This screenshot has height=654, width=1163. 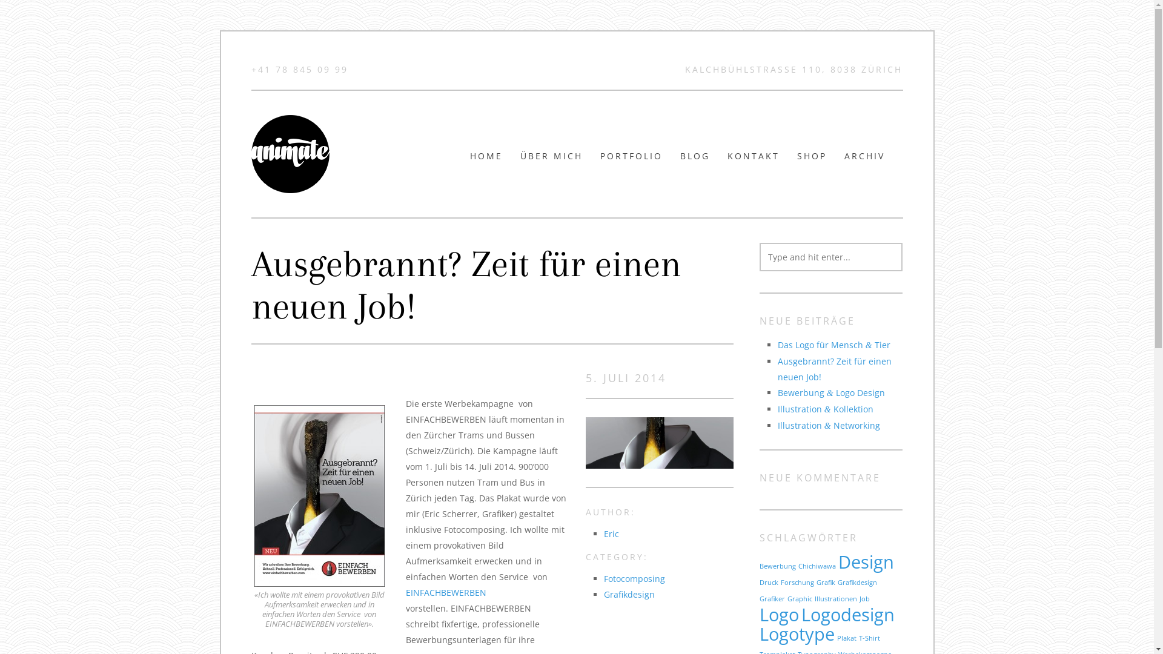 I want to click on 'Logotype', so click(x=797, y=633).